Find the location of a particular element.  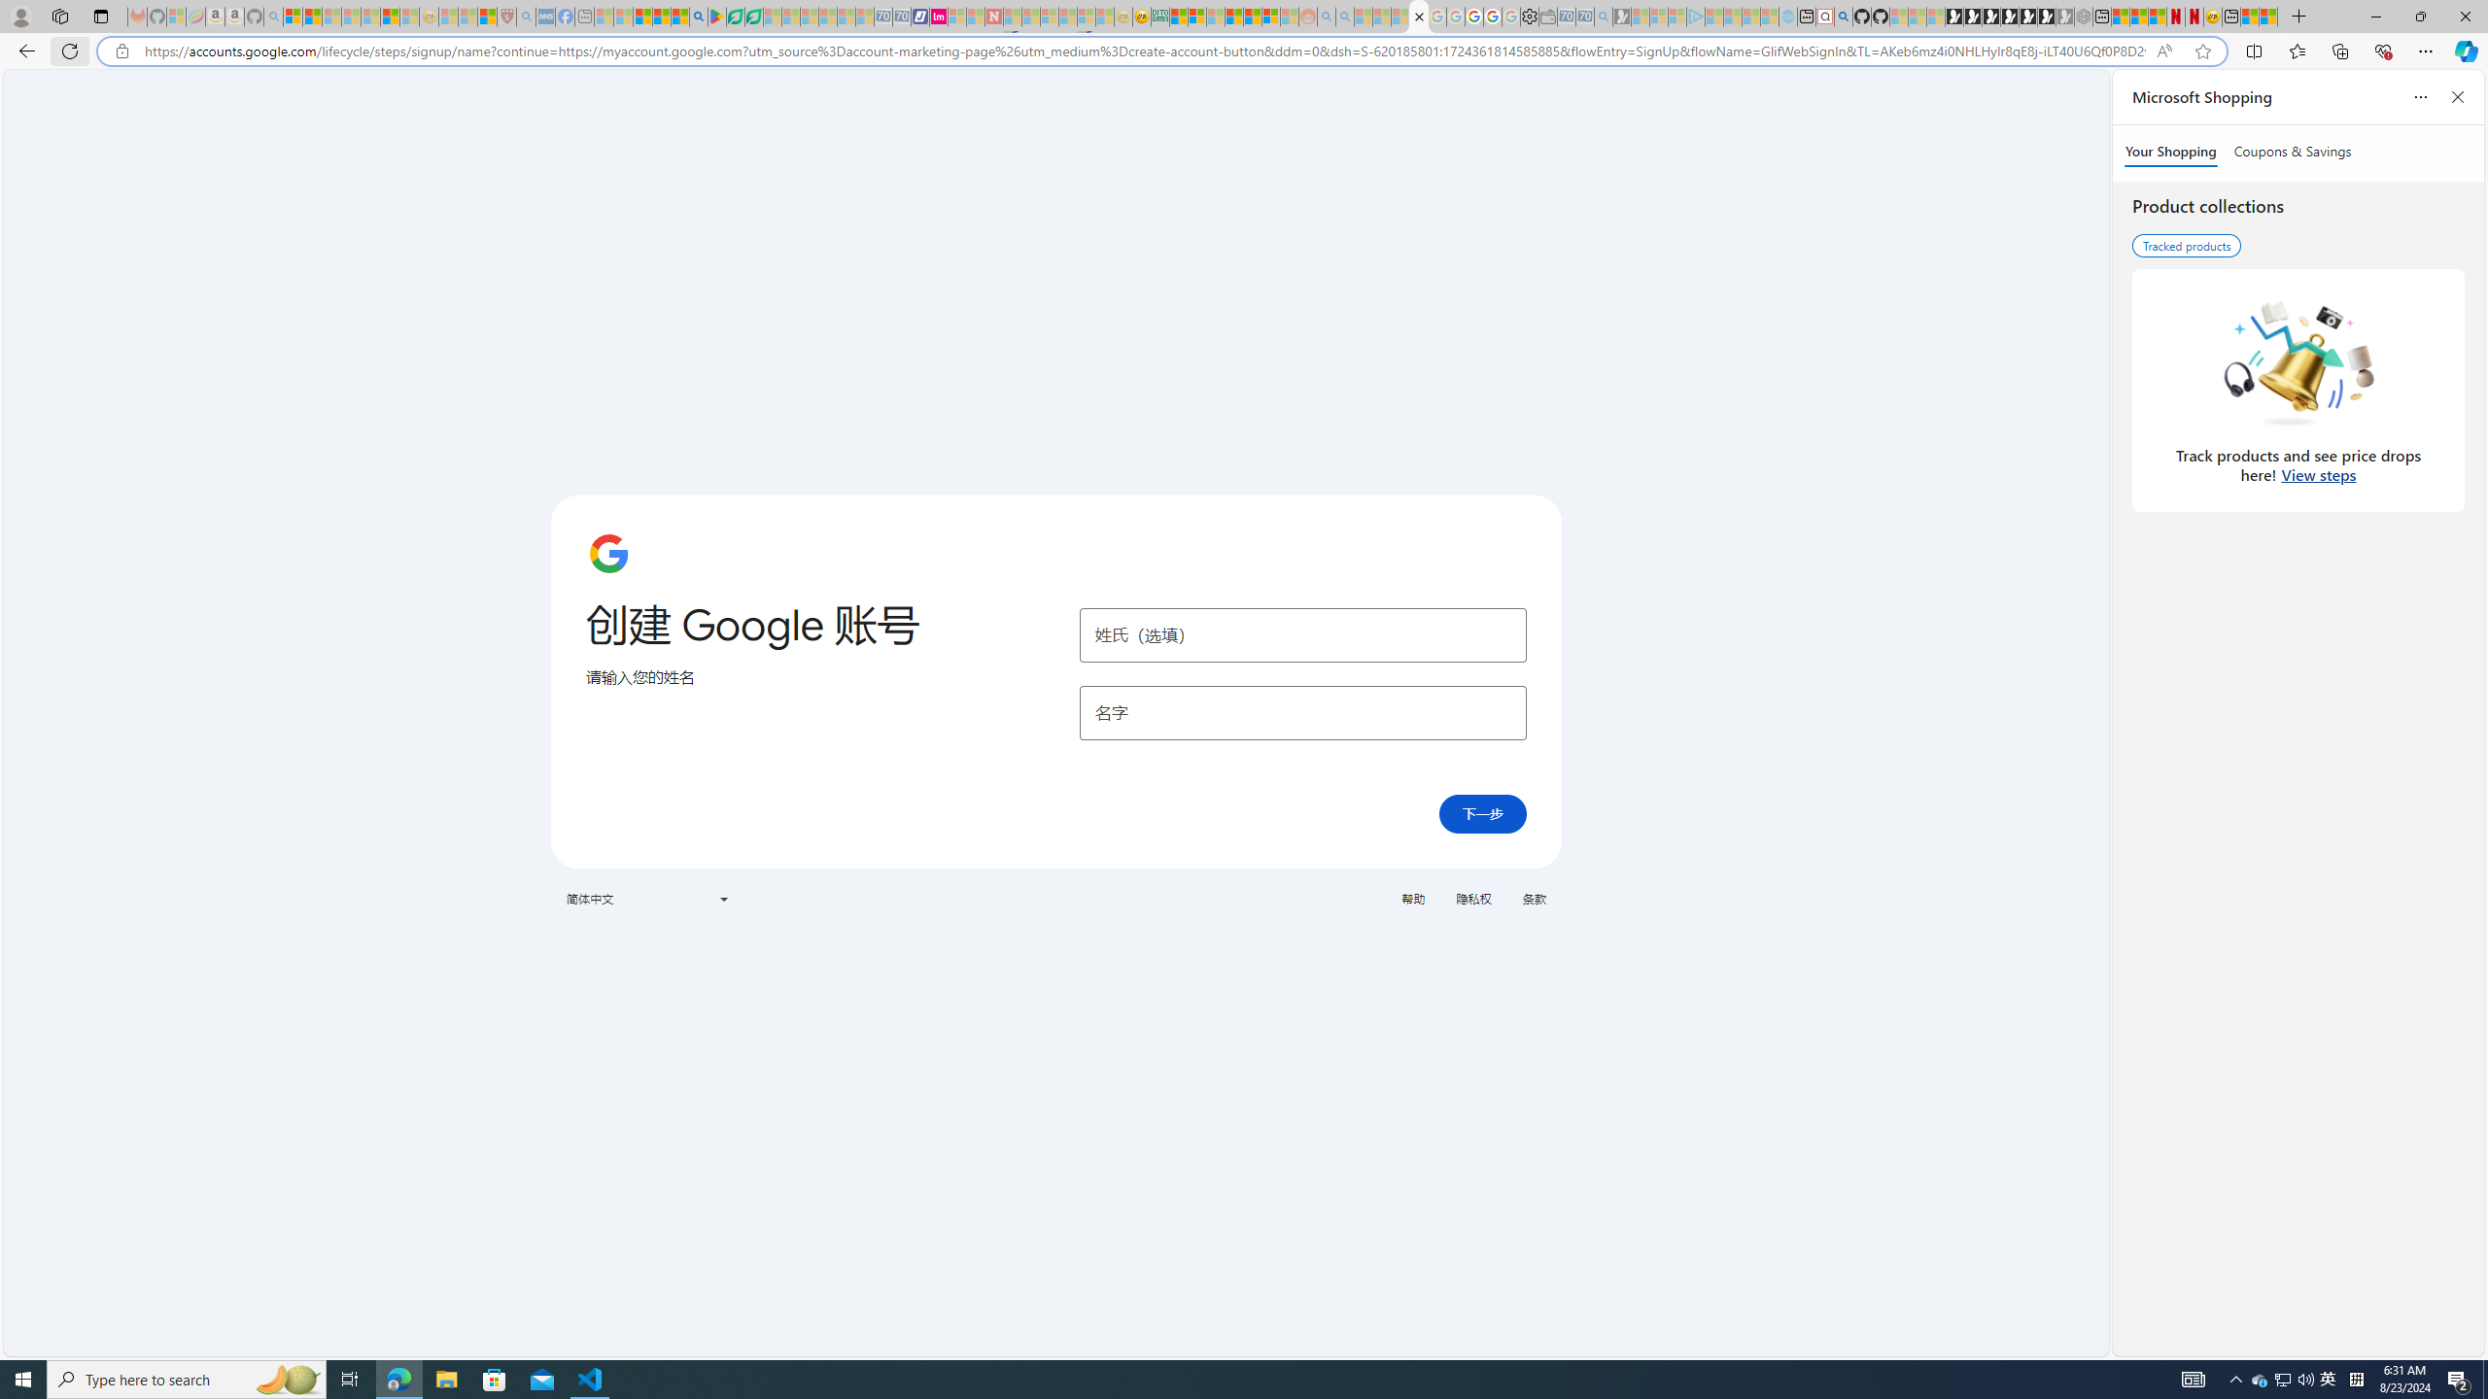

'Cheap Hotels - Save70.com - Sleeping' is located at coordinates (902, 16).